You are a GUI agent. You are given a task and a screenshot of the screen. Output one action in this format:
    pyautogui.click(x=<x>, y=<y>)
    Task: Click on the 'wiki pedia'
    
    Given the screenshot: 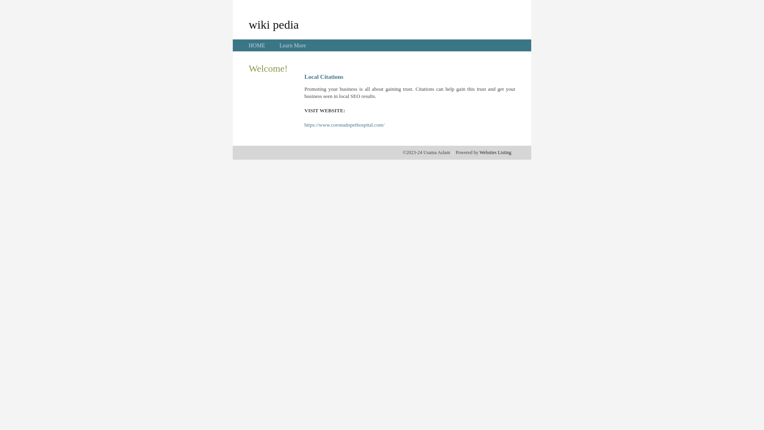 What is the action you would take?
    pyautogui.click(x=248, y=24)
    